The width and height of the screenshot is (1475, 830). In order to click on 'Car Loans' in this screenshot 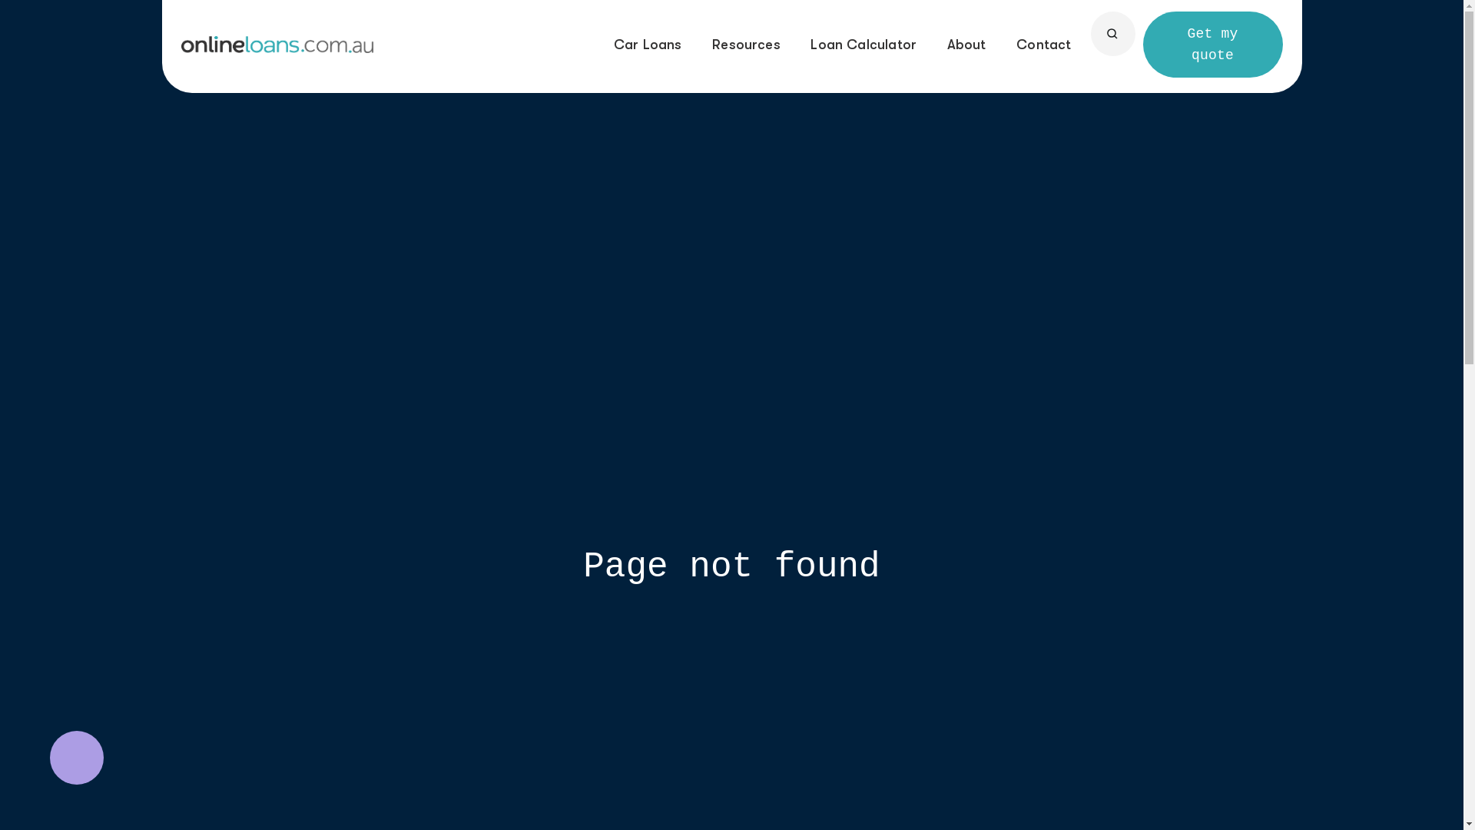, I will do `click(648, 43)`.